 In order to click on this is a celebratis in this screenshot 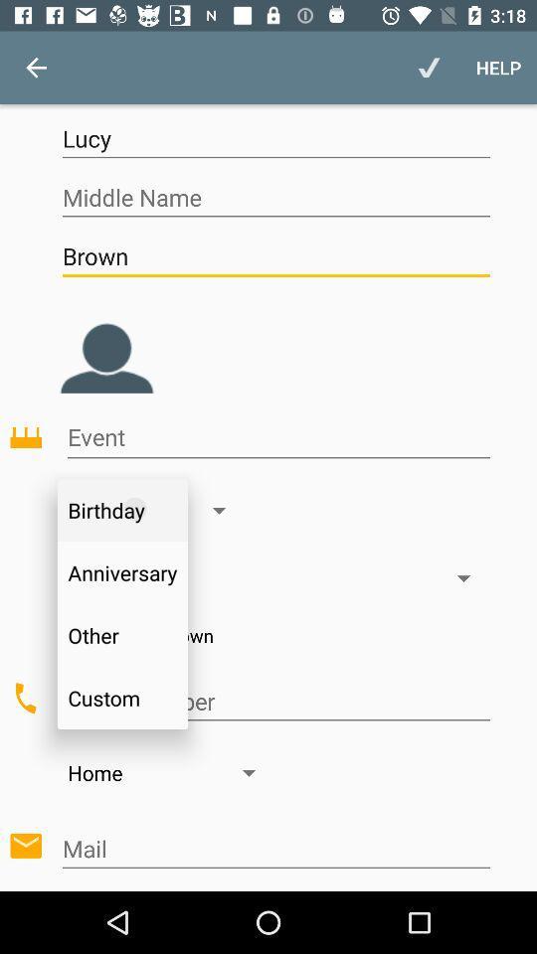, I will do `click(277, 437)`.